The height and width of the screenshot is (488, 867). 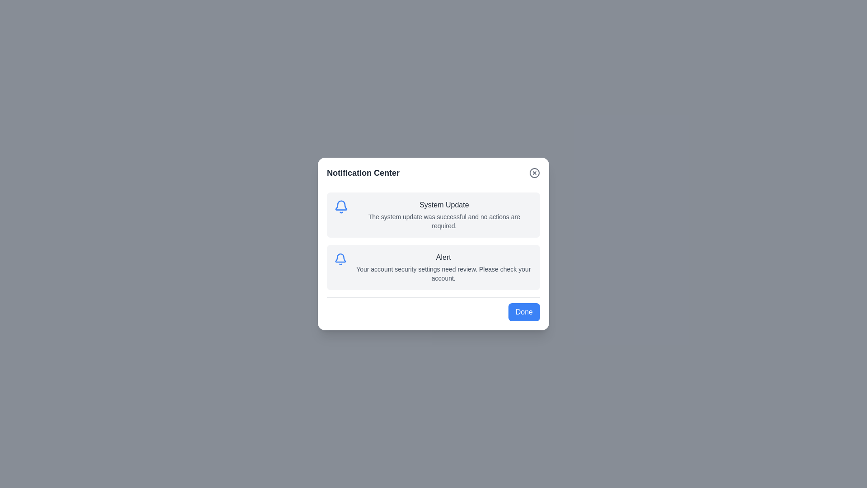 I want to click on the notification icon corresponding to Alert to open its details, so click(x=340, y=259).